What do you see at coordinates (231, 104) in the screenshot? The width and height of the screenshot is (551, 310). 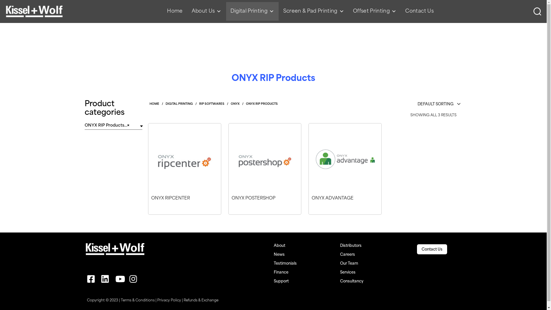 I see `'ONYX'` at bounding box center [231, 104].